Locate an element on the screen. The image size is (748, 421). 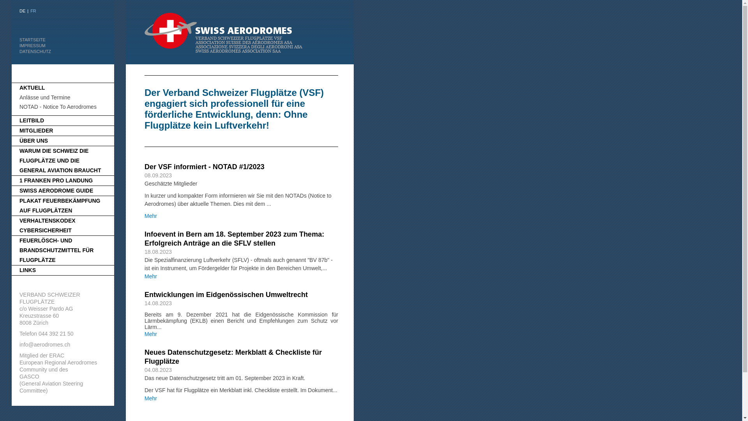
'1 FRANKEN PRO LANDUNG' is located at coordinates (56, 180).